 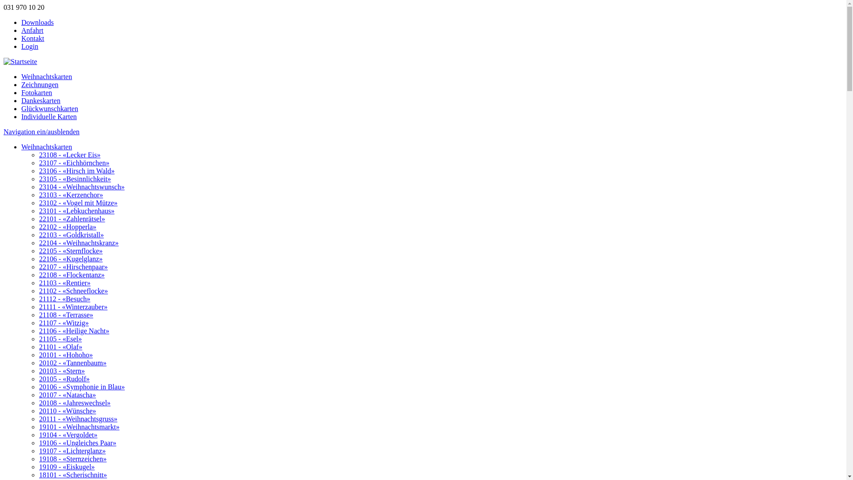 What do you see at coordinates (32, 30) in the screenshot?
I see `'Anfahrt'` at bounding box center [32, 30].